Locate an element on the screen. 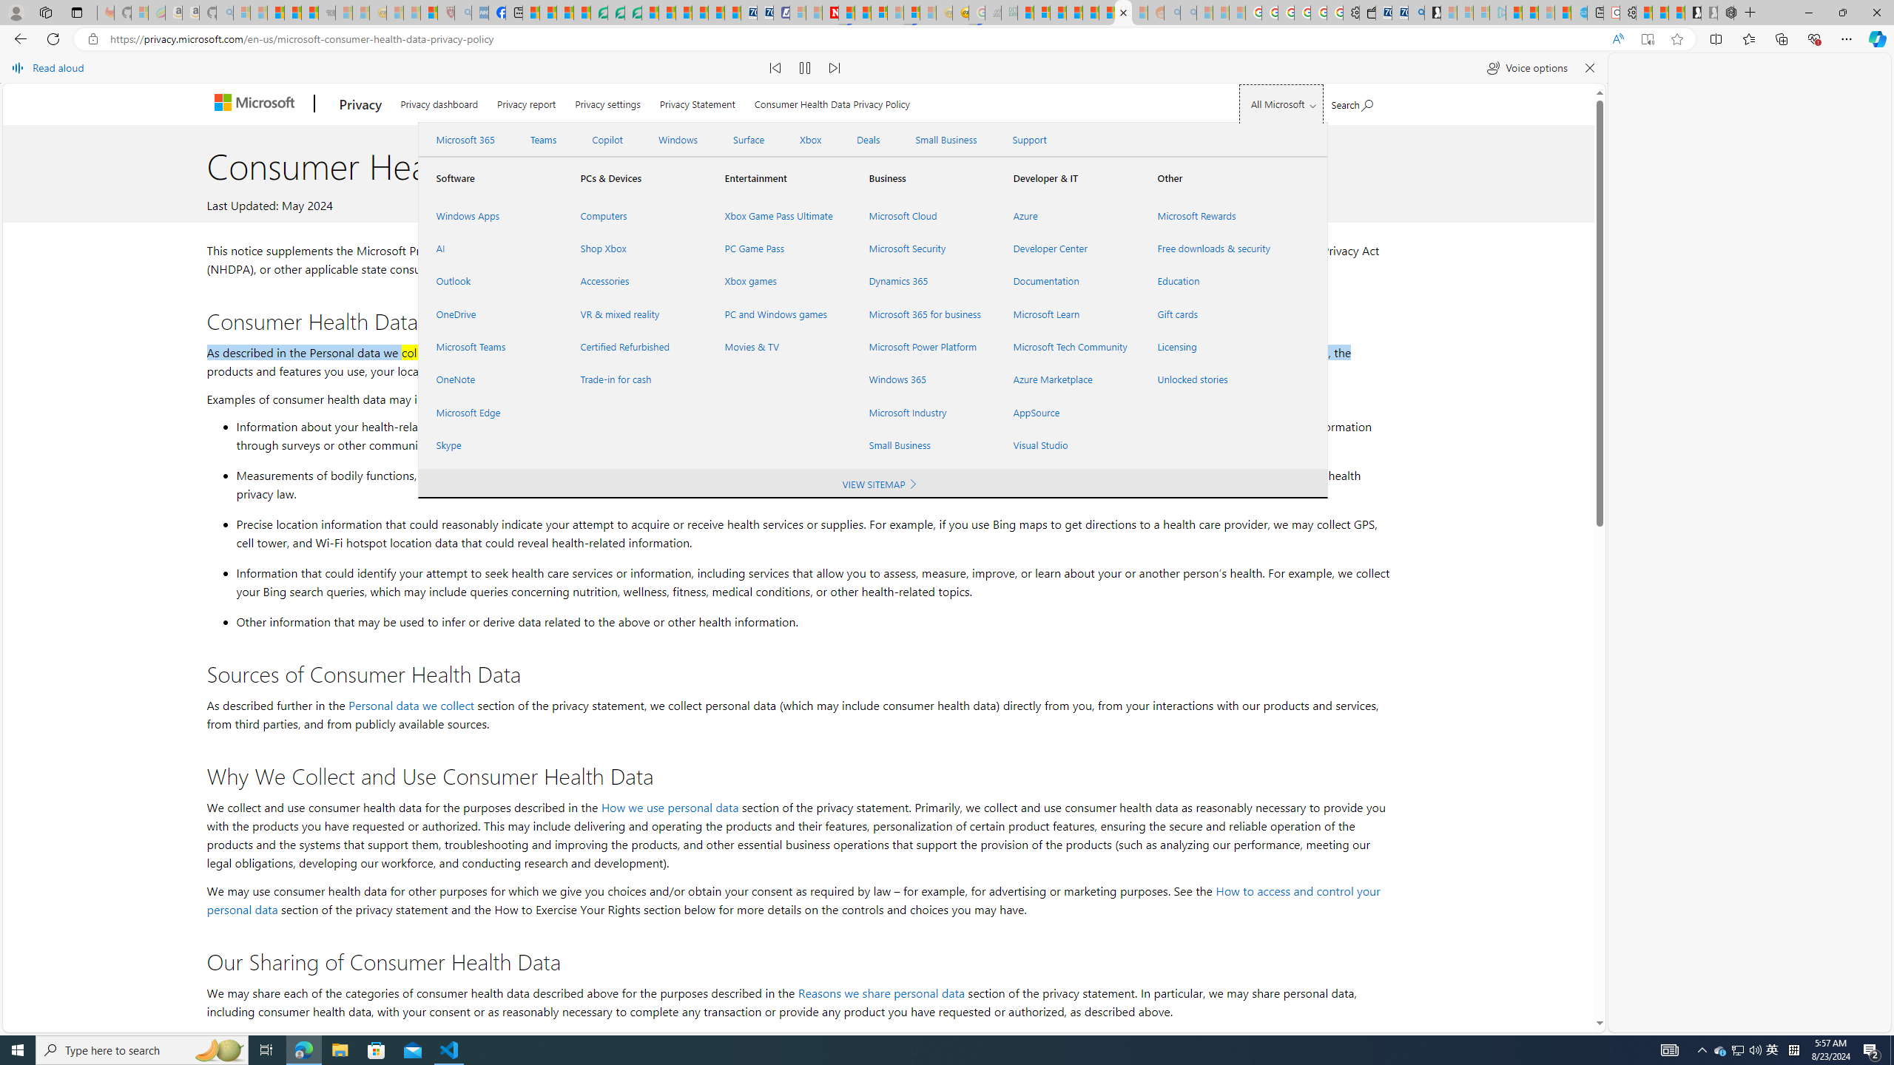 The image size is (1894, 1065). 'Copilot' is located at coordinates (606, 139).